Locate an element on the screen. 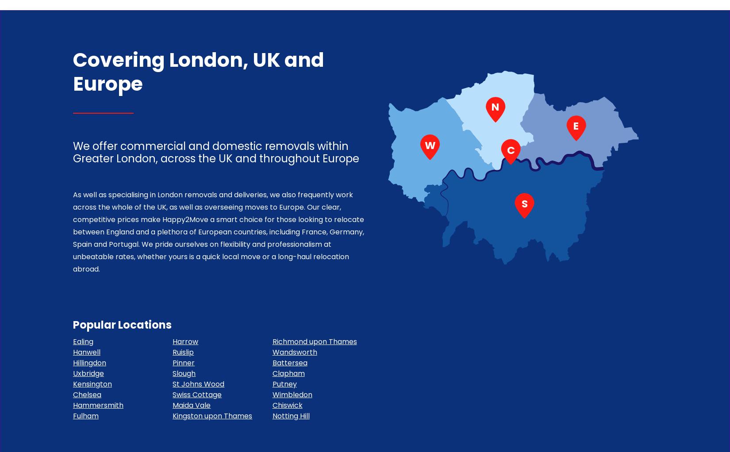 Image resolution: width=730 pixels, height=452 pixels. 'Richmond upon Thames' is located at coordinates (314, 341).